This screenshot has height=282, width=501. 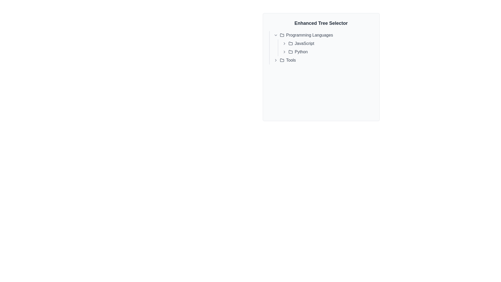 I want to click on the folder icon representing the 'Programming Languages' category in the tree structure, so click(x=282, y=35).